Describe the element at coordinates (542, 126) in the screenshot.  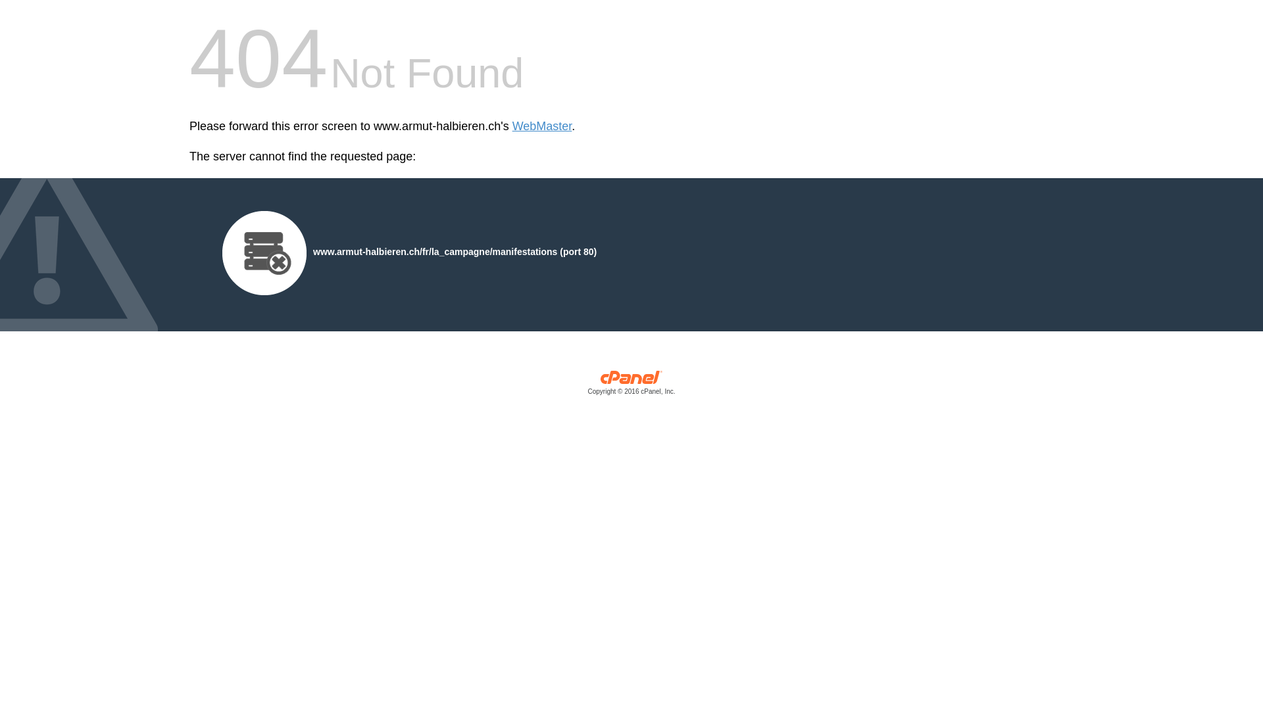
I see `'WebMaster'` at that location.